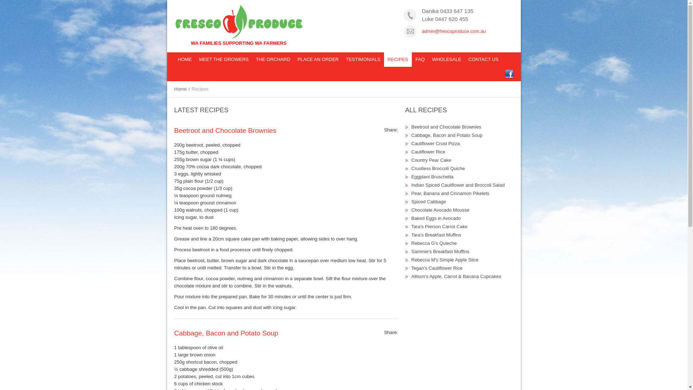 This screenshot has width=693, height=390. Describe the element at coordinates (225, 130) in the screenshot. I see `'Beetroot and Chocolate Brownies'` at that location.